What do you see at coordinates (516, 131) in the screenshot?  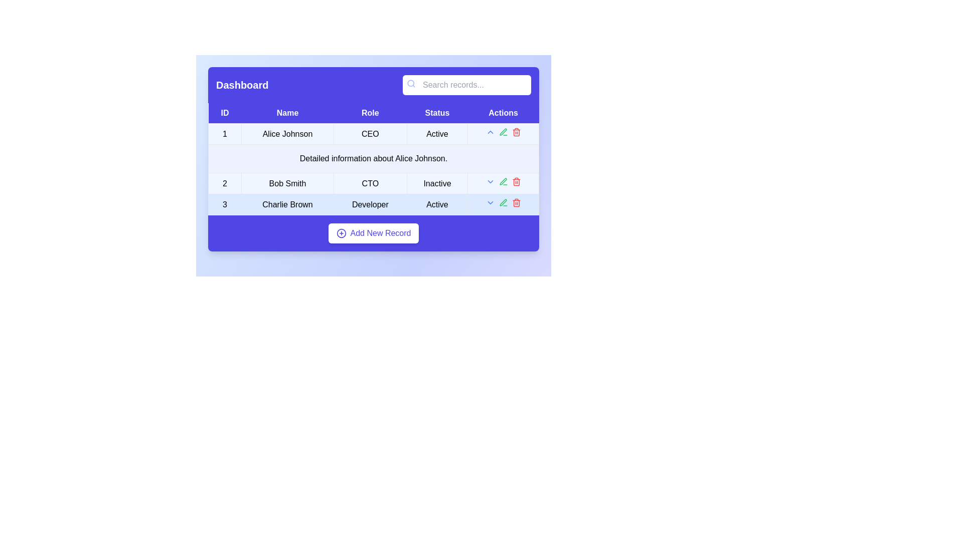 I see `the red trash can icon button located in the 'Actions' column of the first row of the table` at bounding box center [516, 131].